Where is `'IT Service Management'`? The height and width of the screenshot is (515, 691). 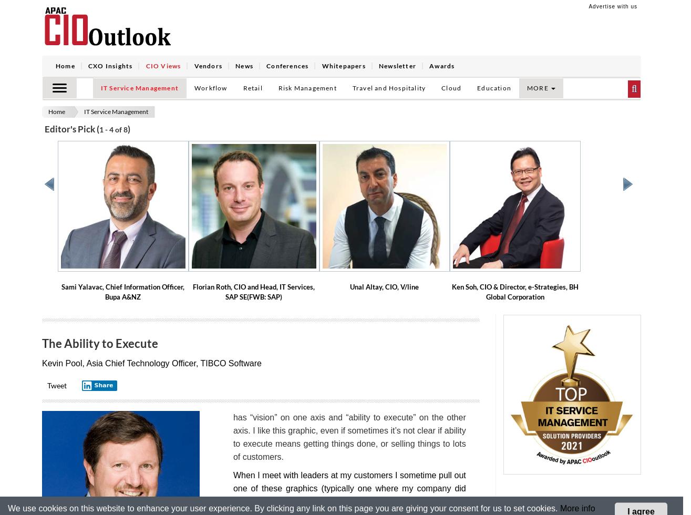 'IT Service Management' is located at coordinates (84, 111).